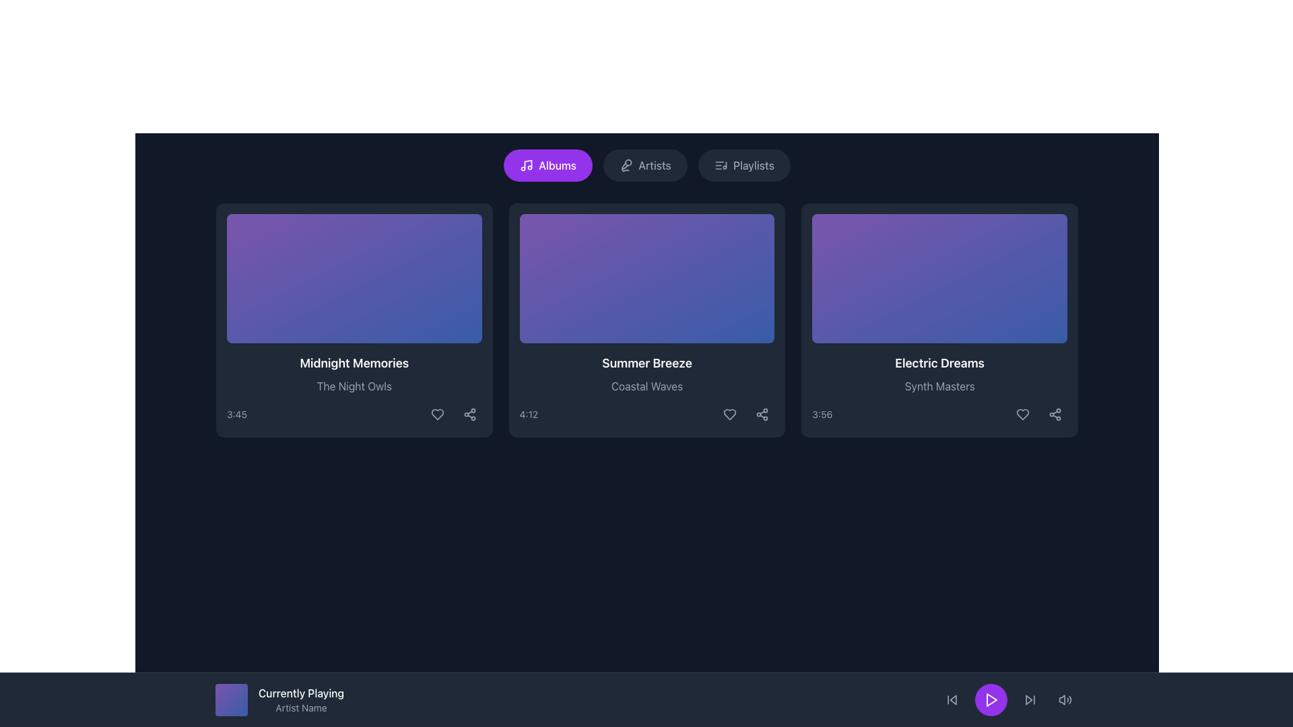 Image resolution: width=1293 pixels, height=727 pixels. I want to click on the sharing button for the 'Midnight Memories' album located at the bottom right corner of the album card, so click(469, 414).